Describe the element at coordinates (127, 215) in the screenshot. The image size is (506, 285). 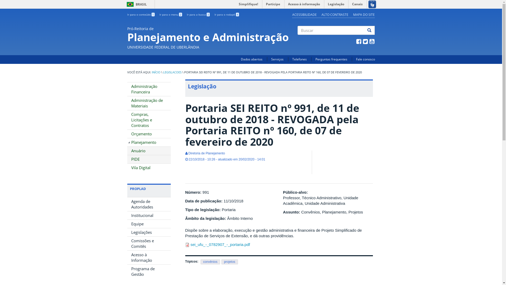
I see `'Institucional'` at that location.